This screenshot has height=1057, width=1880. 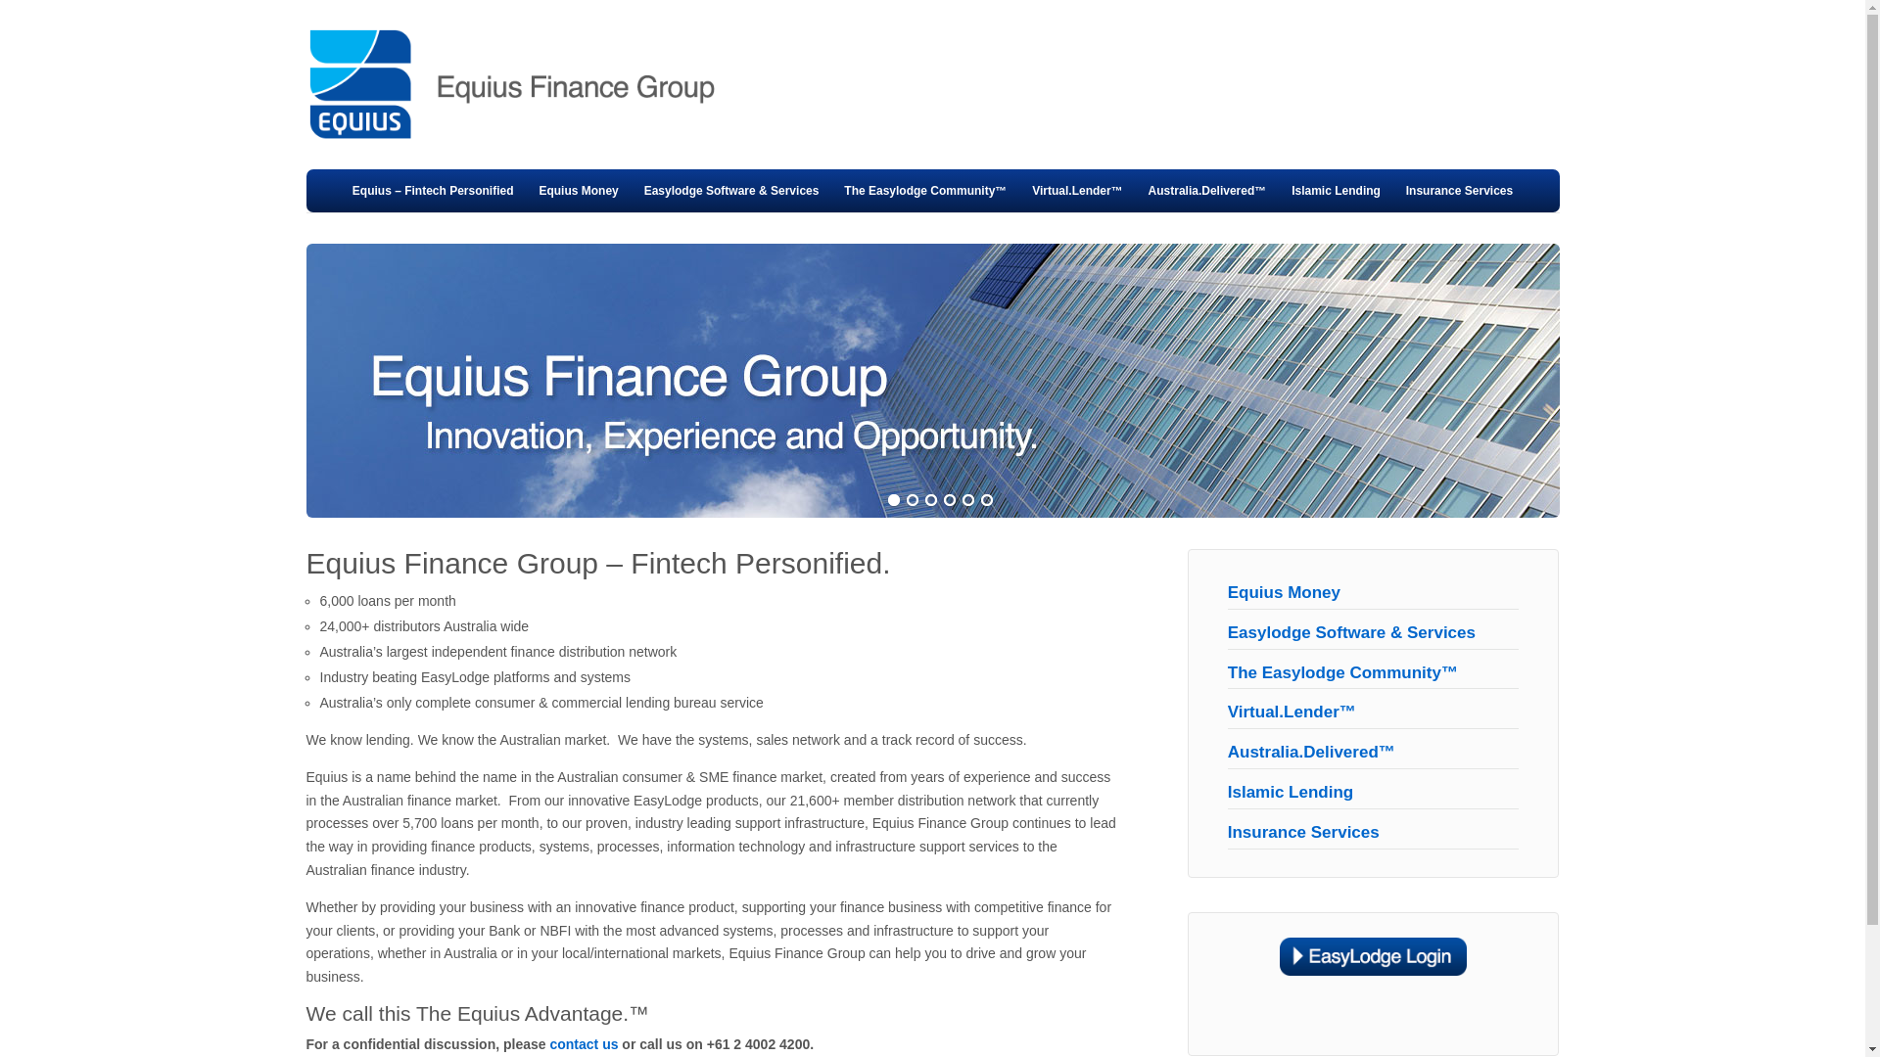 What do you see at coordinates (986, 500) in the screenshot?
I see `'6'` at bounding box center [986, 500].